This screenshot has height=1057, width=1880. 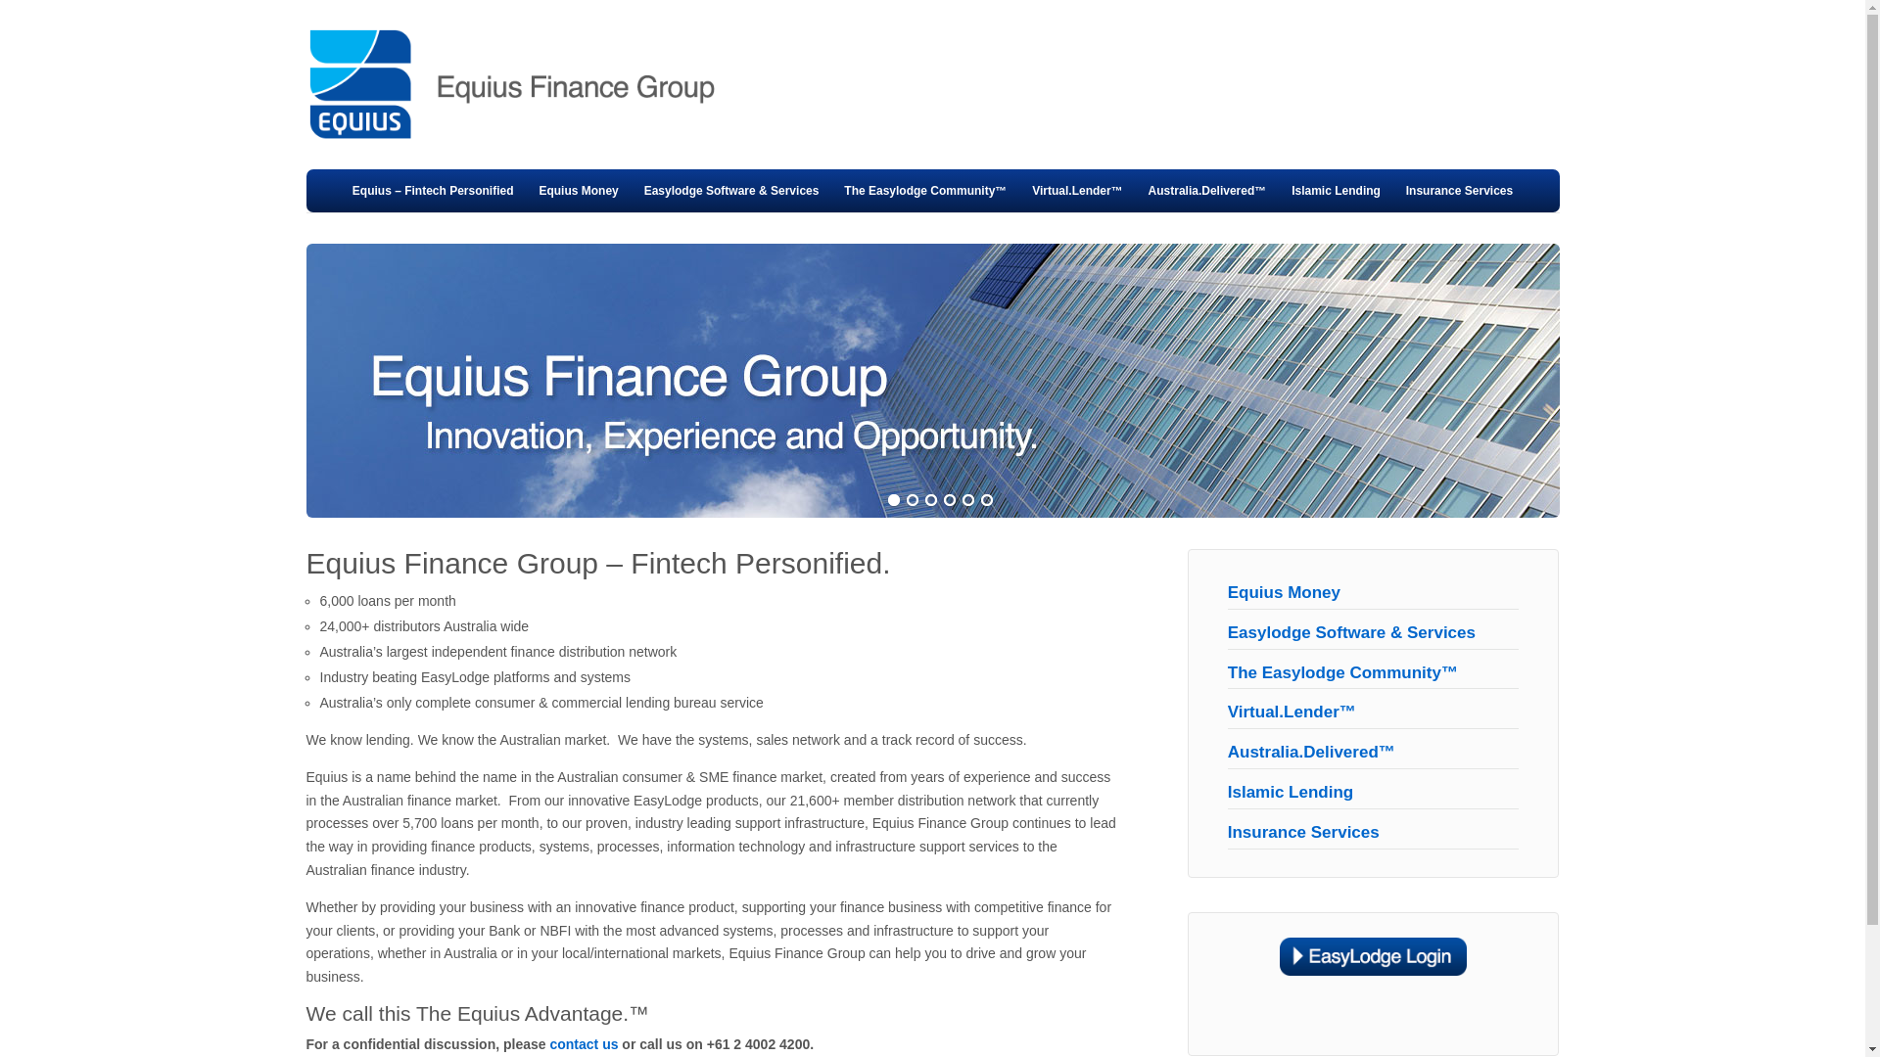 What do you see at coordinates (986, 500) in the screenshot?
I see `'6'` at bounding box center [986, 500].